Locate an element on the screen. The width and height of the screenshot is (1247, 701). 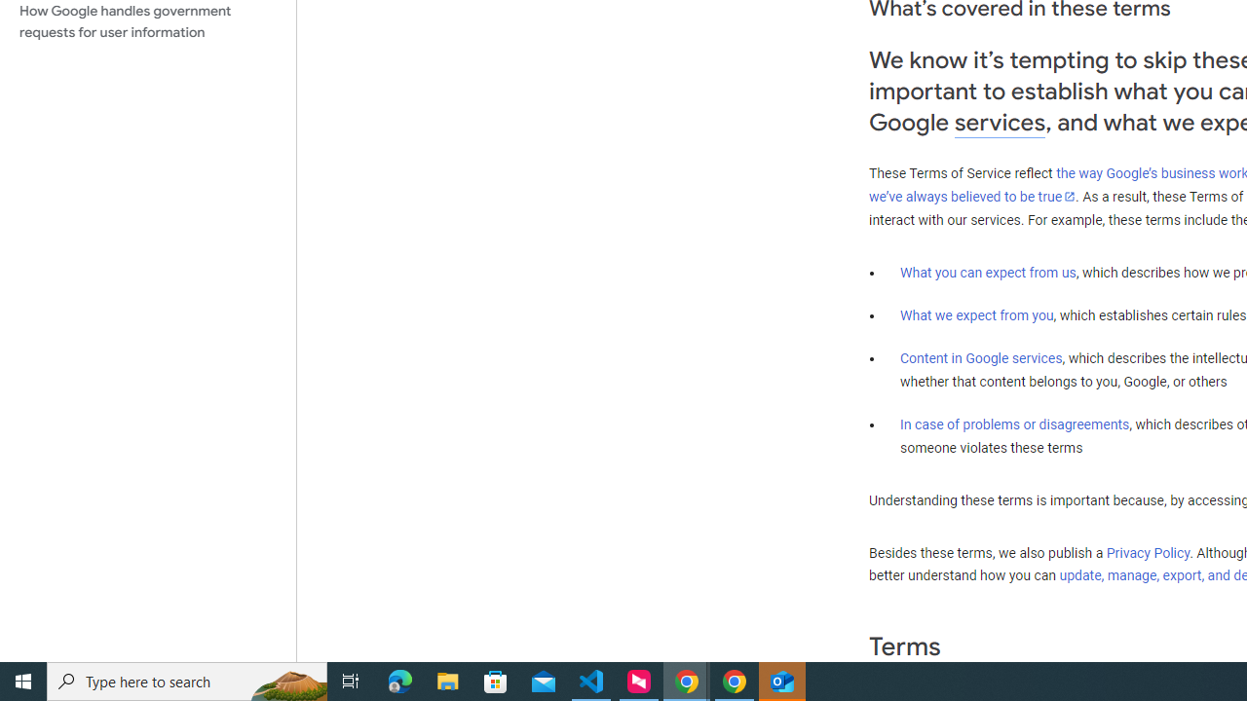
'What we expect from you' is located at coordinates (976, 314).